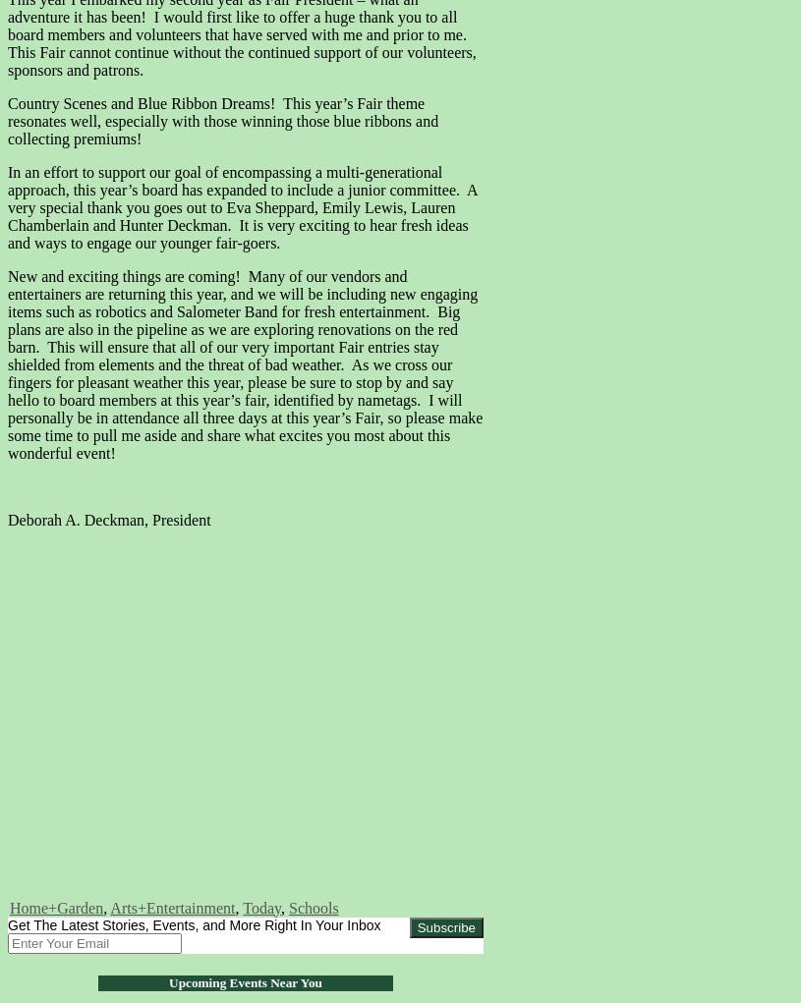  Describe the element at coordinates (108, 519) in the screenshot. I see `'Deborah A.
Deckman, President'` at that location.